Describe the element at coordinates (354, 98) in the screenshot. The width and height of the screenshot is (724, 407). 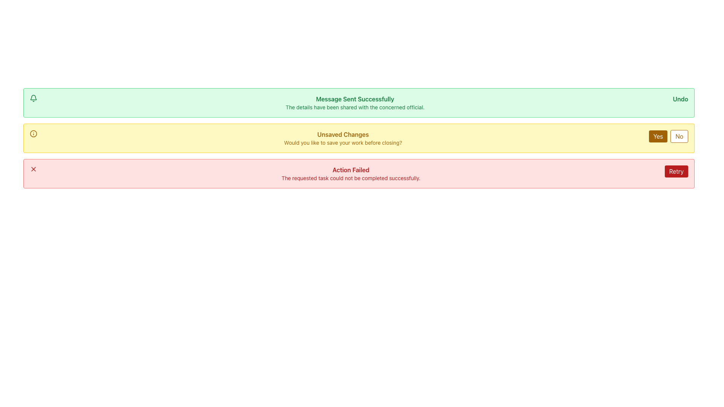
I see `the confirmation message text that indicates successful delivery of the user's sent message, located at the top of the green box containing two text lines` at that location.